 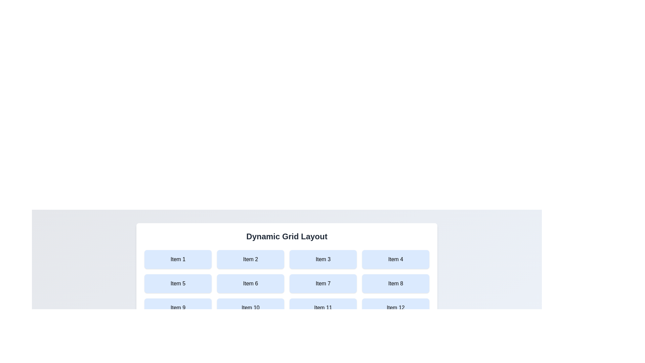 What do you see at coordinates (395, 284) in the screenshot?
I see `the individual item button located in the second row and fourth column of a 4x4 grid layout` at bounding box center [395, 284].